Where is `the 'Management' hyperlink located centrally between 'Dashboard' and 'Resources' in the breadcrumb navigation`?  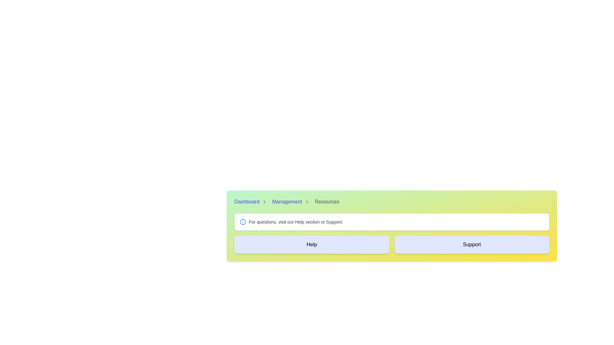
the 'Management' hyperlink located centrally between 'Dashboard' and 'Resources' in the breadcrumb navigation is located at coordinates (291, 202).